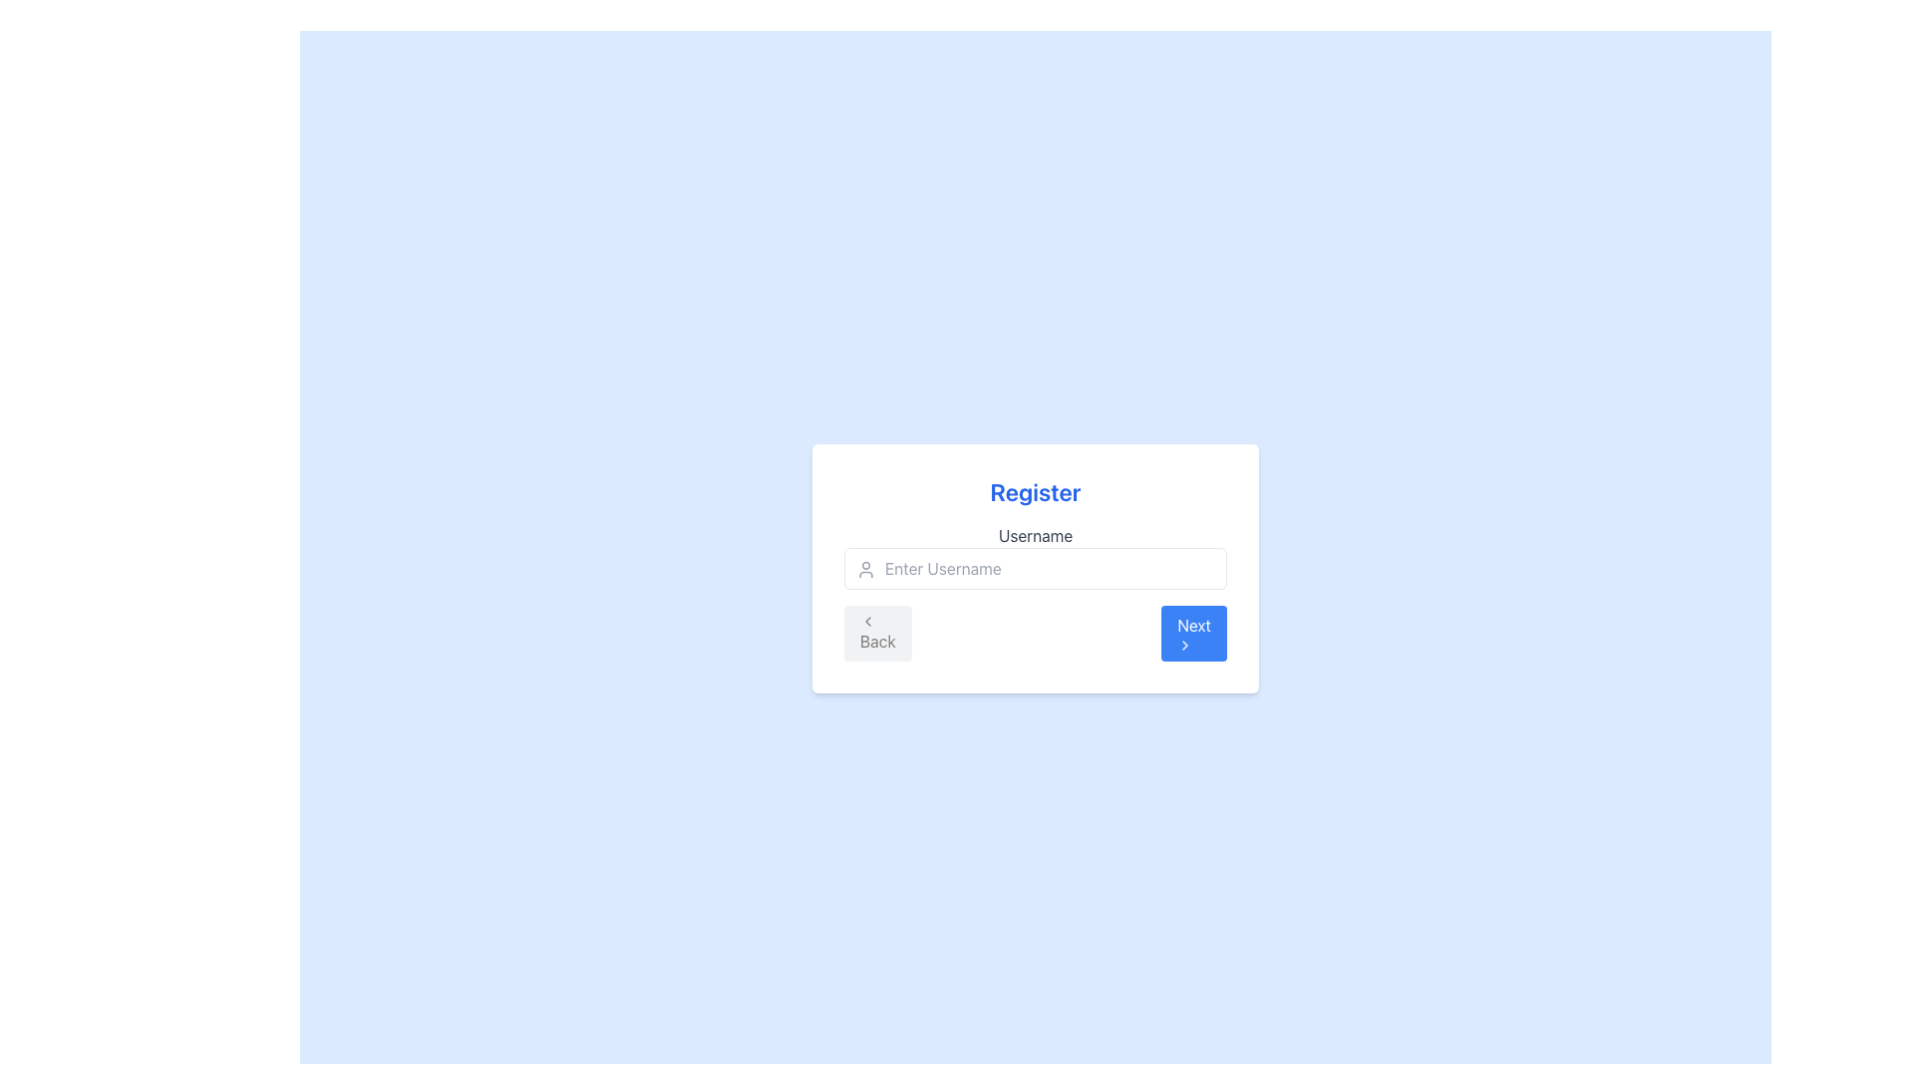  What do you see at coordinates (867, 621) in the screenshot?
I see `the left arrow icon in the 'Back' button located at the bottom left section of the registration form` at bounding box center [867, 621].